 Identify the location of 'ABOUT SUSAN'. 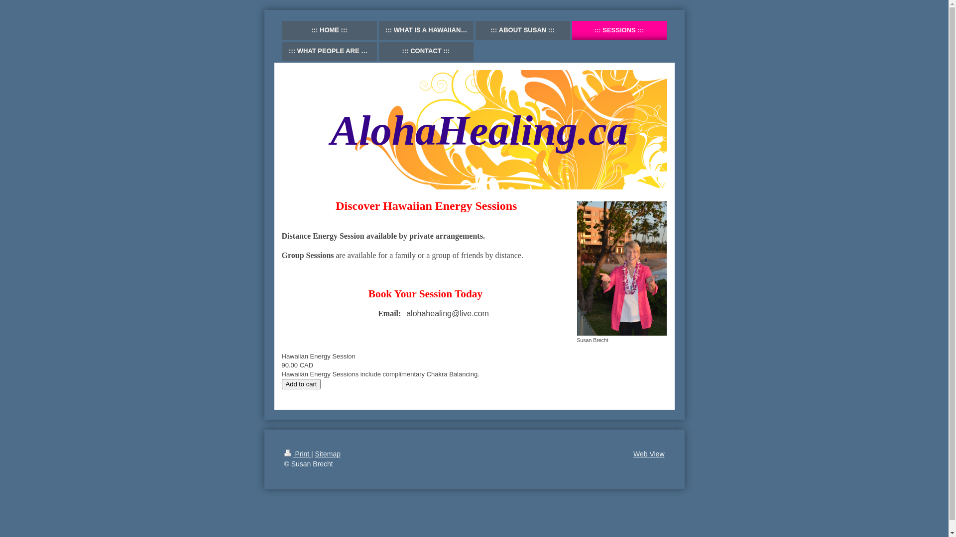
(475, 30).